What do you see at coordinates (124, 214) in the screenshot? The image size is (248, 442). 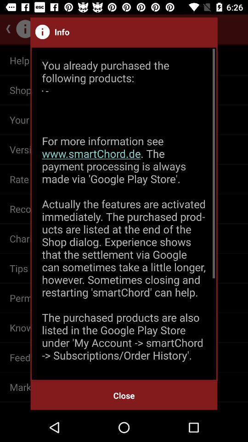 I see `the item above the close` at bounding box center [124, 214].